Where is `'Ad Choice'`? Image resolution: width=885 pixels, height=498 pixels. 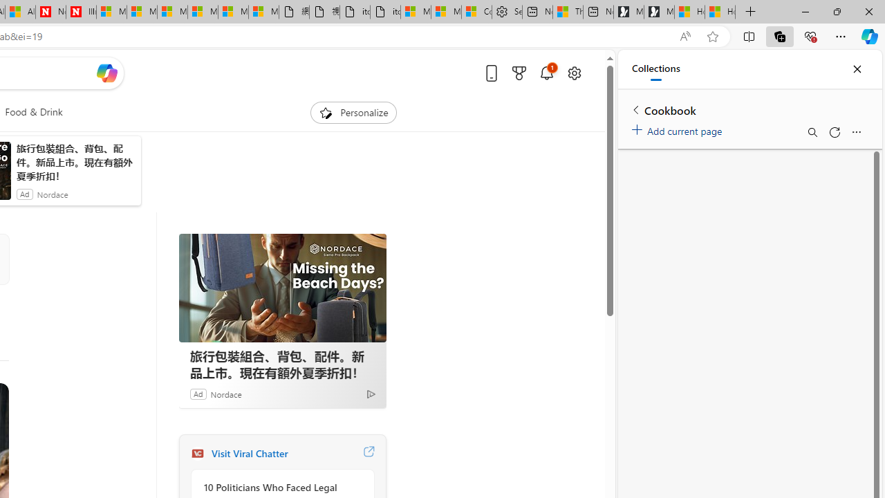
'Ad Choice' is located at coordinates (371, 394).